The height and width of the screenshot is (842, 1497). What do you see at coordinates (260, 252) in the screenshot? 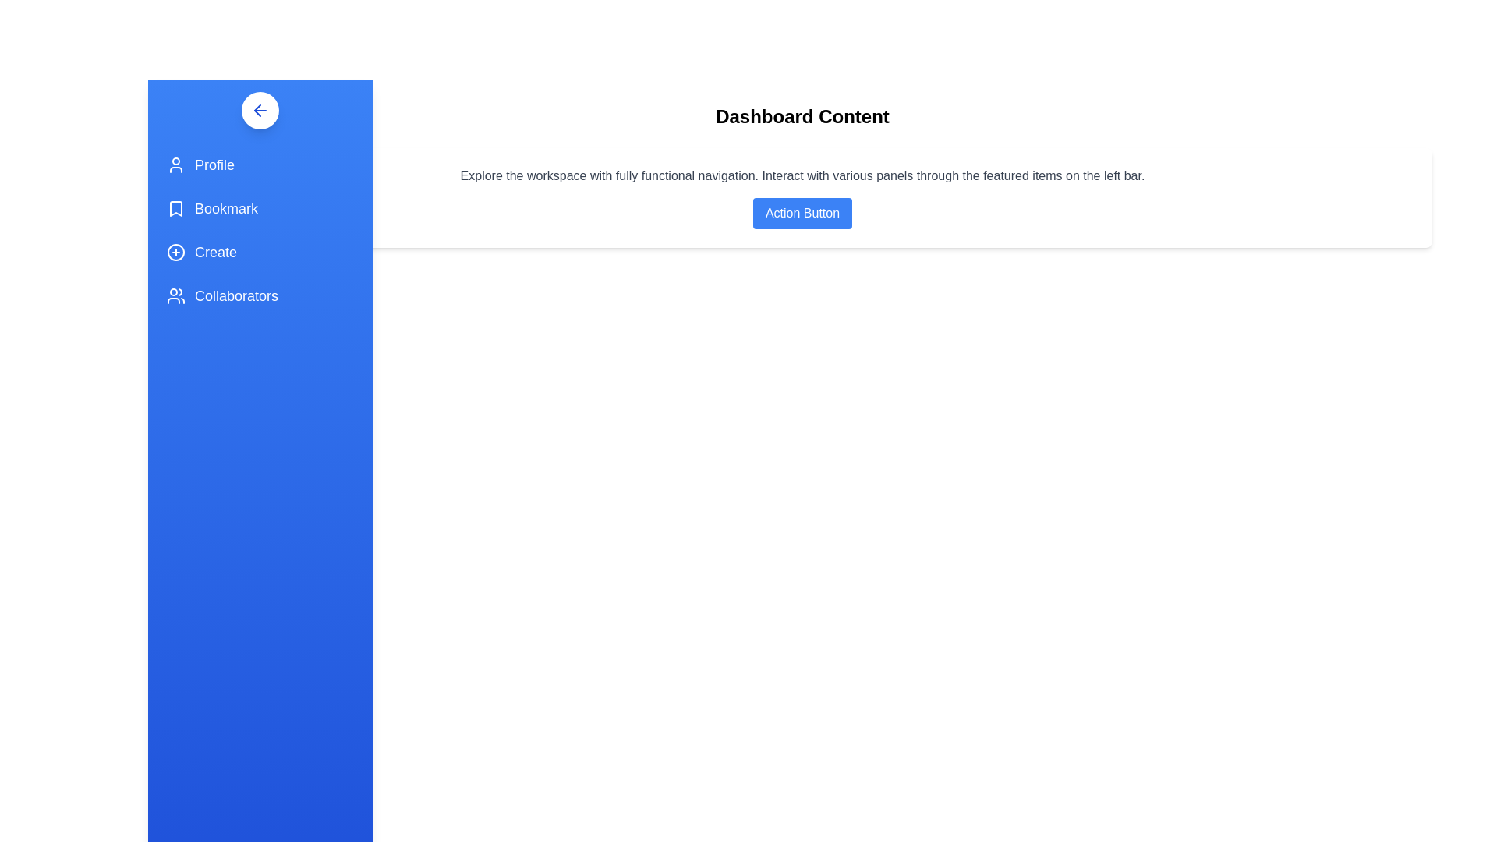
I see `the navigation item Create to navigate to the respective section` at bounding box center [260, 252].